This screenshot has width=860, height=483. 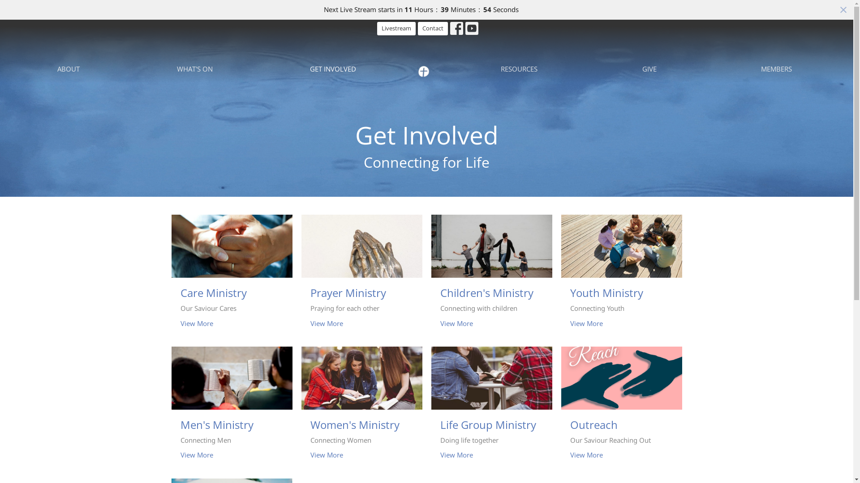 What do you see at coordinates (519, 68) in the screenshot?
I see `'RESOURCES'` at bounding box center [519, 68].